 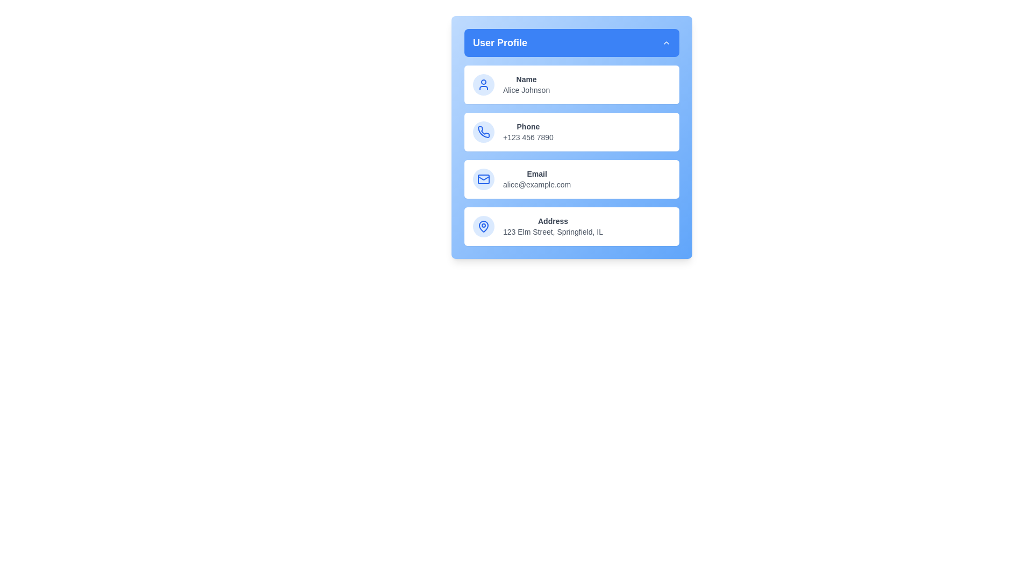 What do you see at coordinates (483, 84) in the screenshot?
I see `the user icon, which is a simplified outline of a human figure in blue, located on the left side of the first entry in a vertically stacked list within a user profile card` at bounding box center [483, 84].